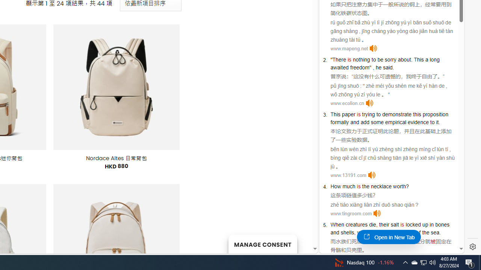 This screenshot has width=481, height=270. Describe the element at coordinates (335, 114) in the screenshot. I see `'This'` at that location.